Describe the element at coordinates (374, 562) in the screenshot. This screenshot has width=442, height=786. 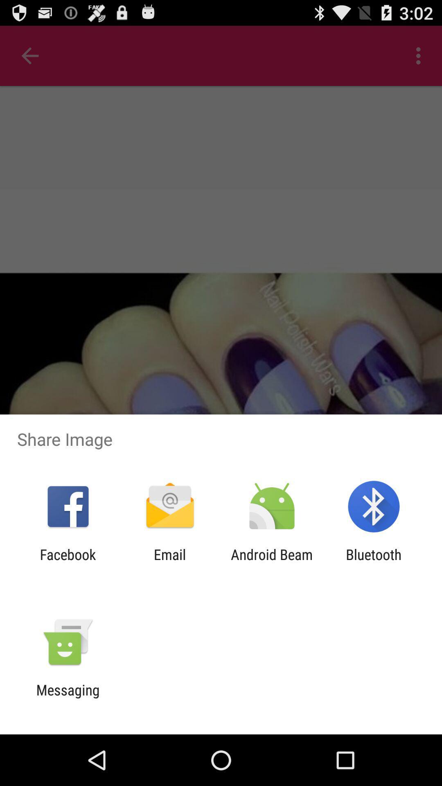
I see `the bluetooth item` at that location.